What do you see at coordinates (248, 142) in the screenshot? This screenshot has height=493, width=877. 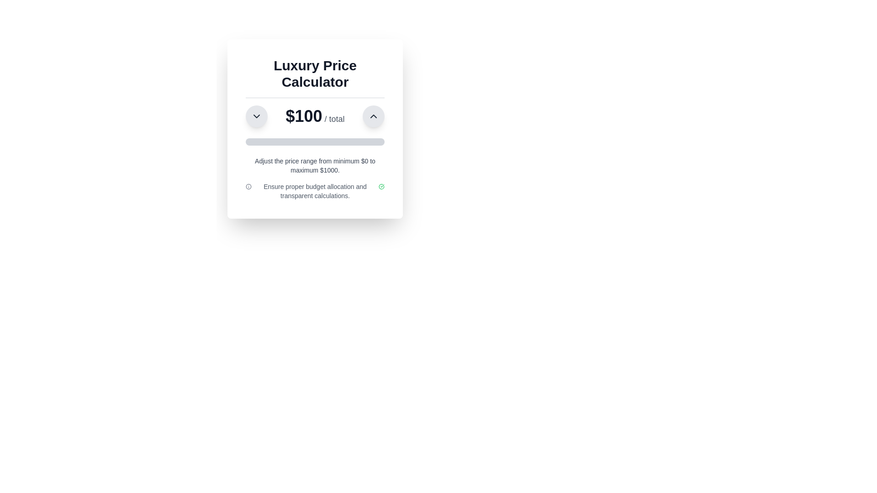 I see `the price range` at bounding box center [248, 142].